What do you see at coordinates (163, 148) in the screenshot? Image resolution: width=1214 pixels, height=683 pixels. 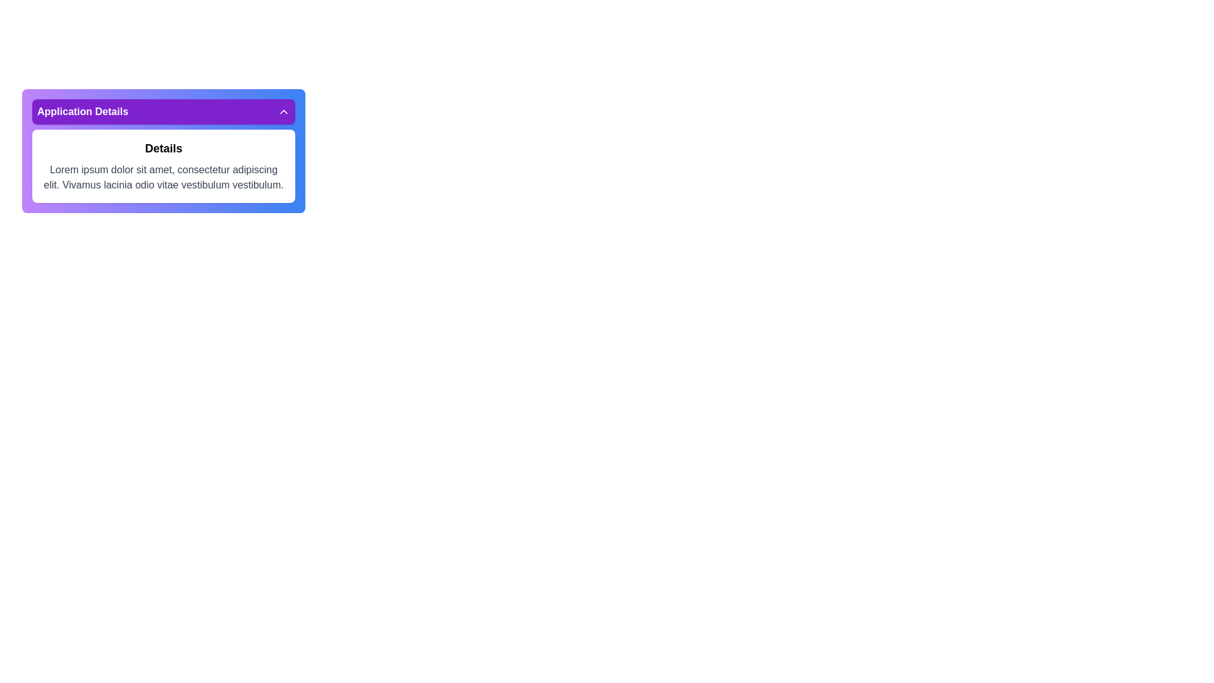 I see `the text label that serves as a title for the details section of the 'Application Details' box, which is located at the top-left of the box with a white background` at bounding box center [163, 148].